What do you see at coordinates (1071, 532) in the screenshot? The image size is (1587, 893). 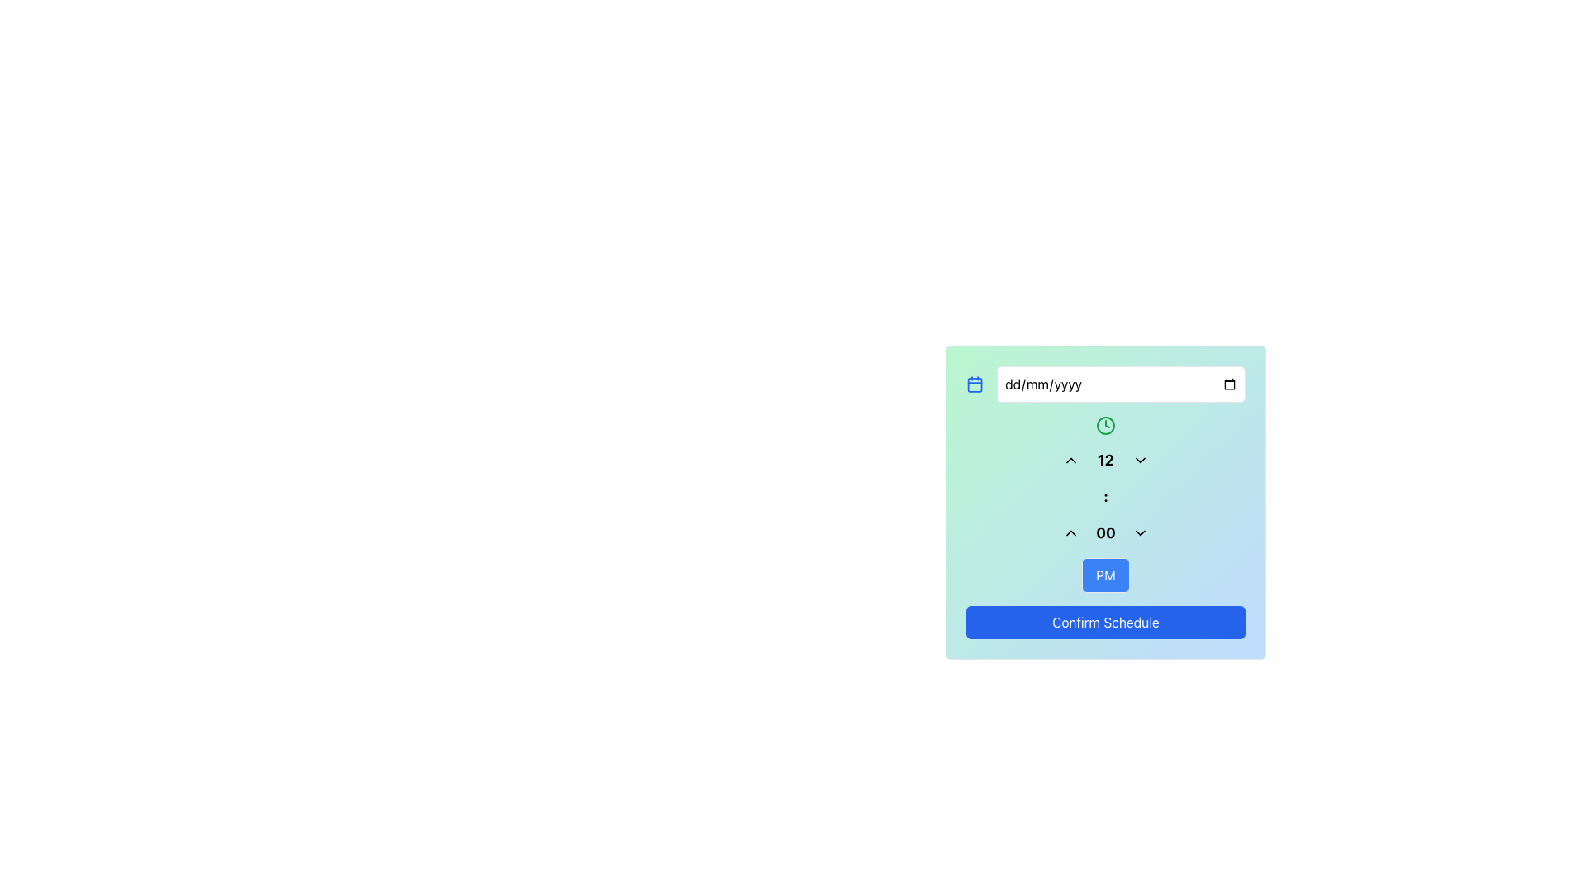 I see `the chevron-upward arrow icon button located to the left of the bold '00' text to increment a value` at bounding box center [1071, 532].